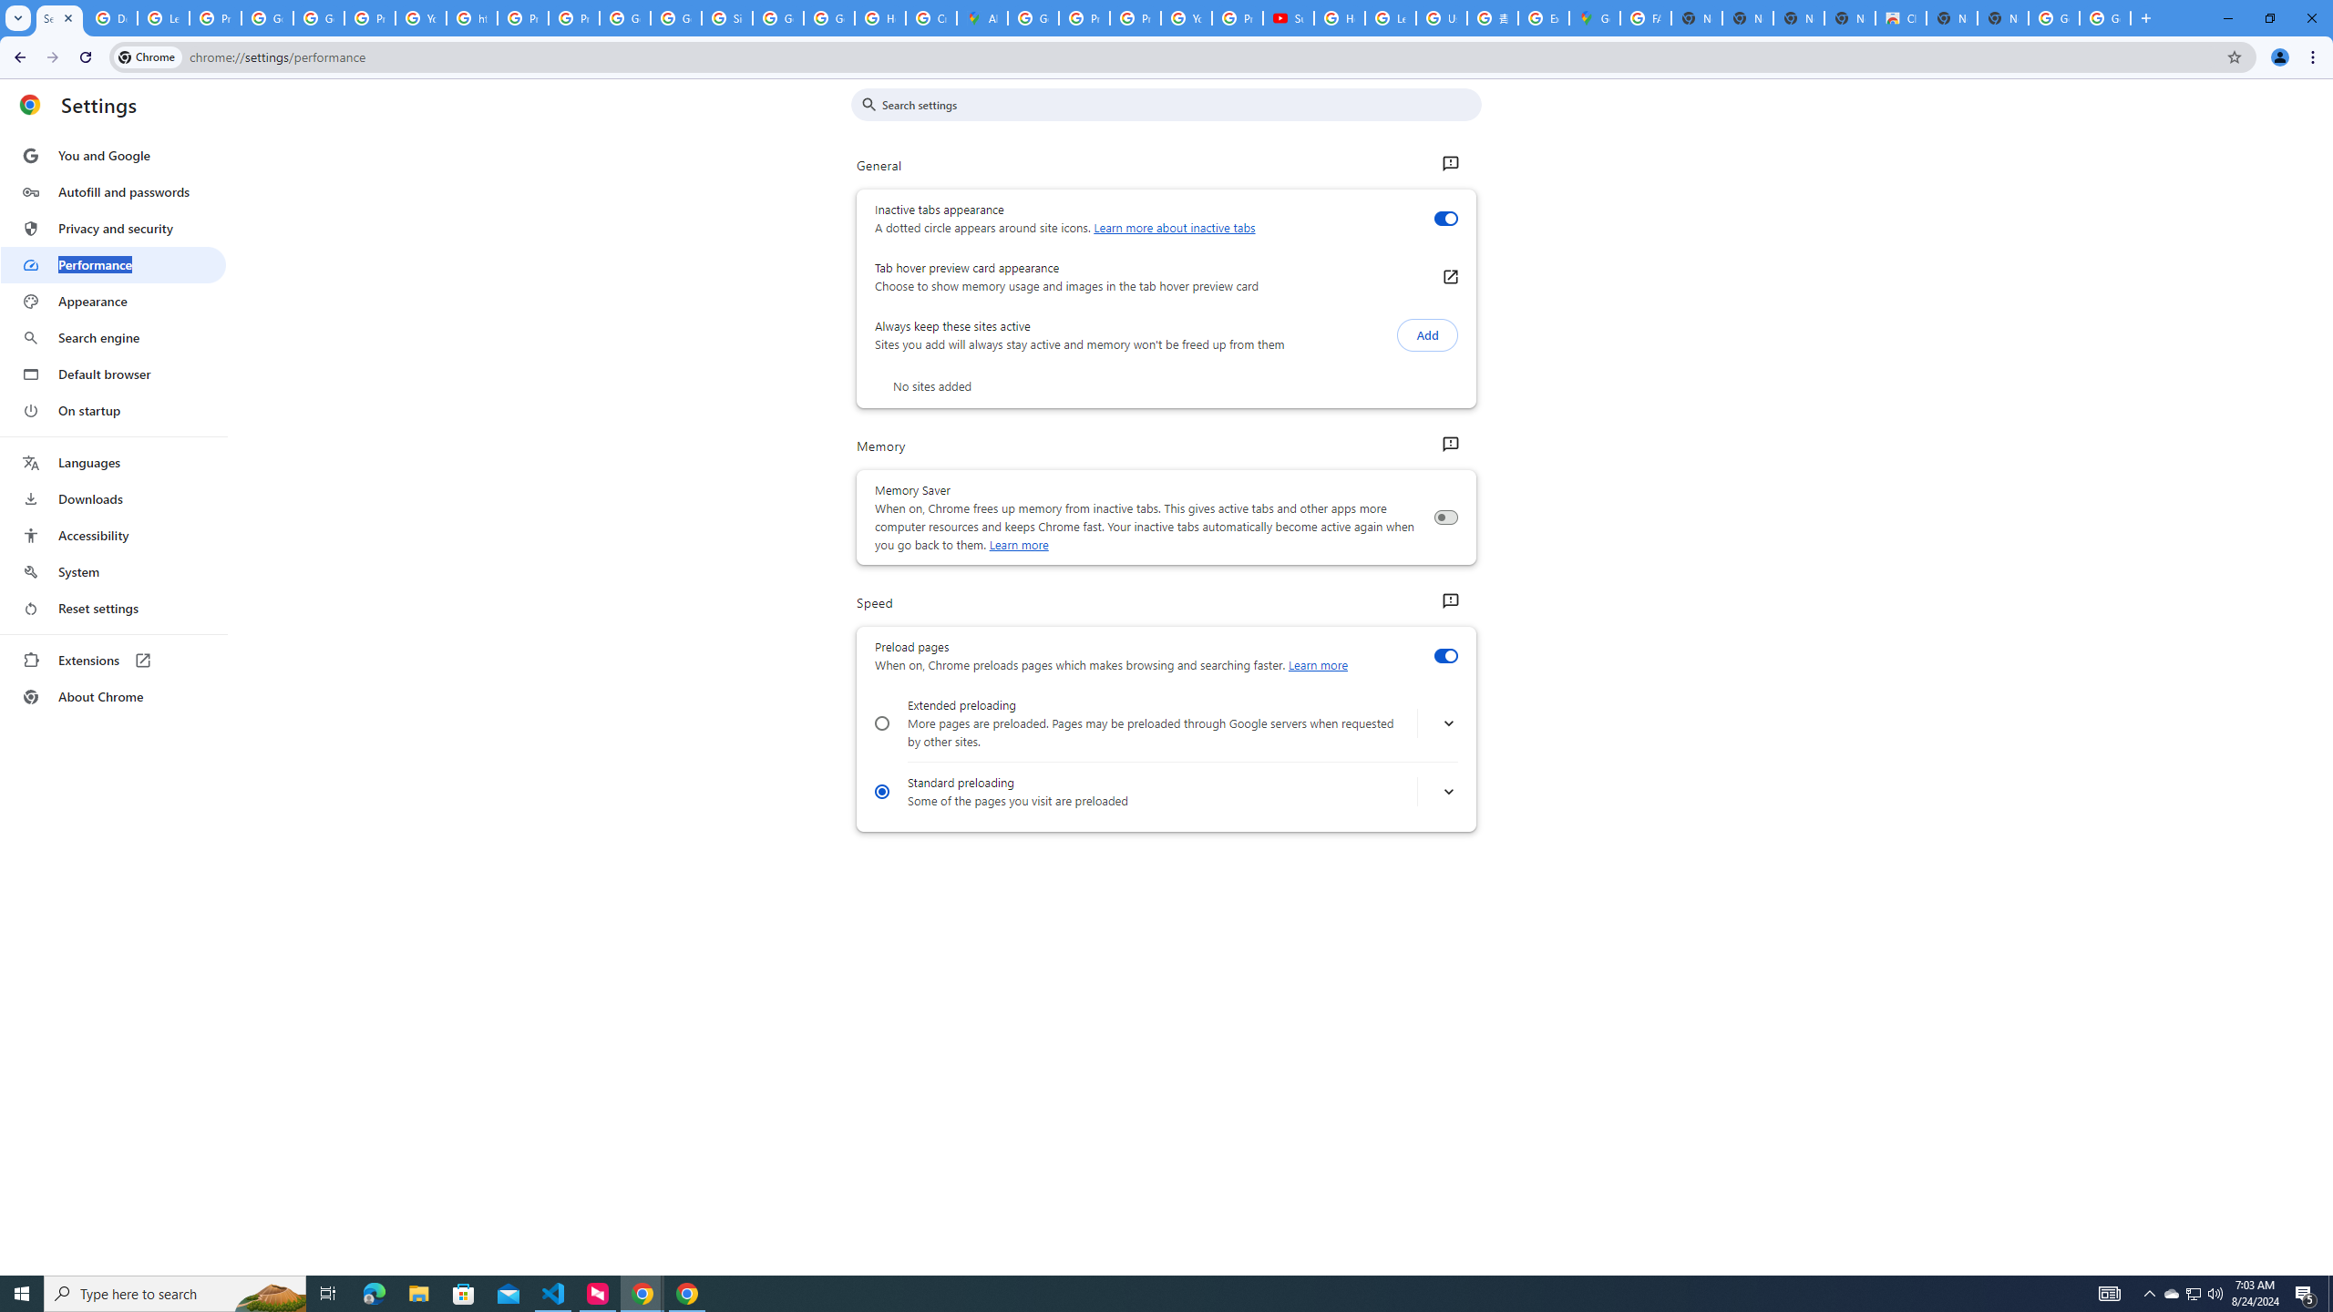 The width and height of the screenshot is (2333, 1312). Describe the element at coordinates (1178, 104) in the screenshot. I see `'Search settings'` at that location.